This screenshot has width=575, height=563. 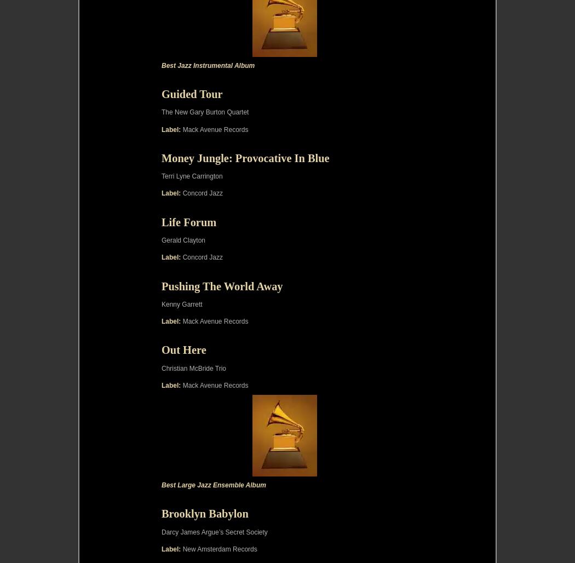 What do you see at coordinates (183, 349) in the screenshot?
I see `'Out Here'` at bounding box center [183, 349].